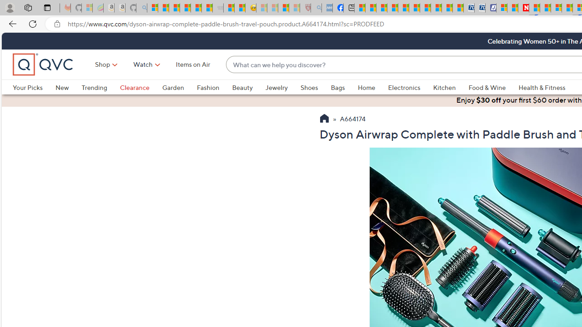 The height and width of the screenshot is (327, 582). I want to click on 'Clearance', so click(134, 87).